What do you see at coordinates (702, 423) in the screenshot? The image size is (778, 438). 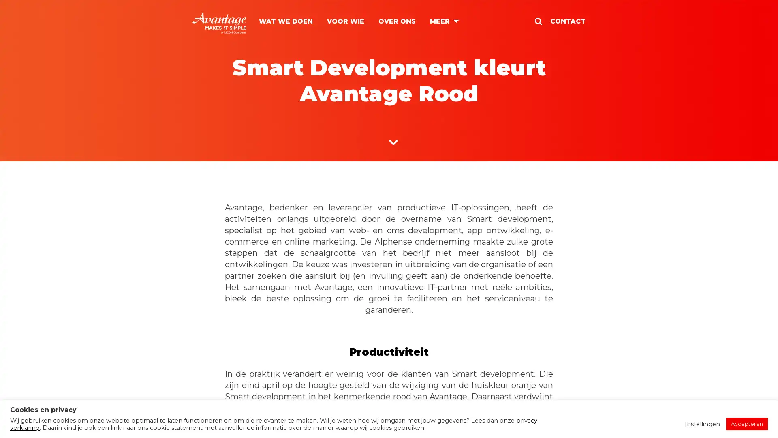 I see `Instellingen` at bounding box center [702, 423].